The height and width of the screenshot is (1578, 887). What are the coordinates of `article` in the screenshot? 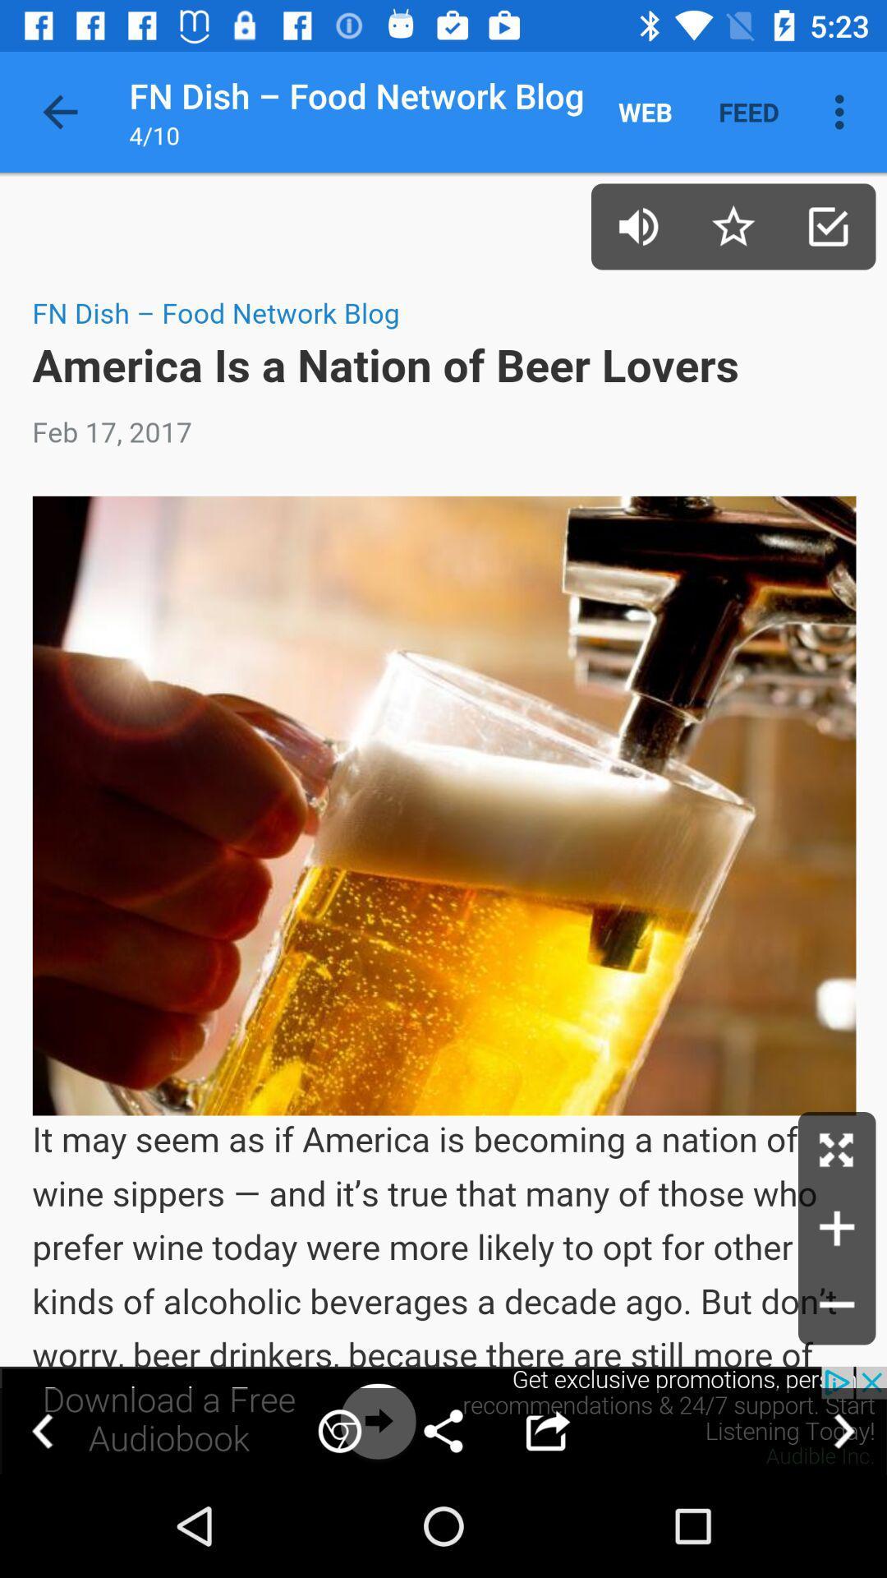 It's located at (828, 225).